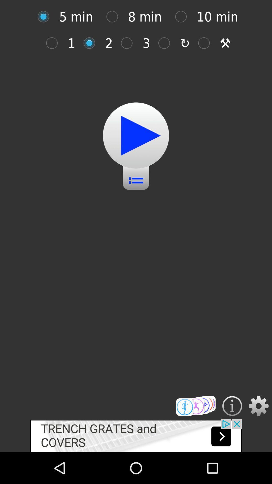 The width and height of the screenshot is (272, 484). I want to click on displays information, so click(232, 406).